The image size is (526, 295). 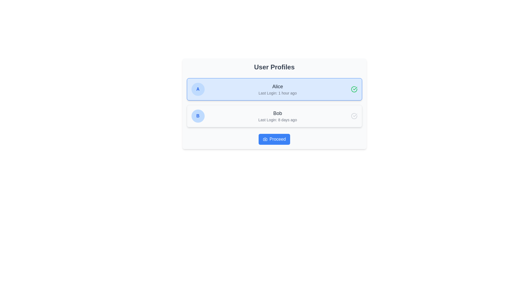 I want to click on static text displaying 'Last Login: 8 days ago', which is located directly below the user name 'Bob' in the user profile section, so click(x=278, y=120).